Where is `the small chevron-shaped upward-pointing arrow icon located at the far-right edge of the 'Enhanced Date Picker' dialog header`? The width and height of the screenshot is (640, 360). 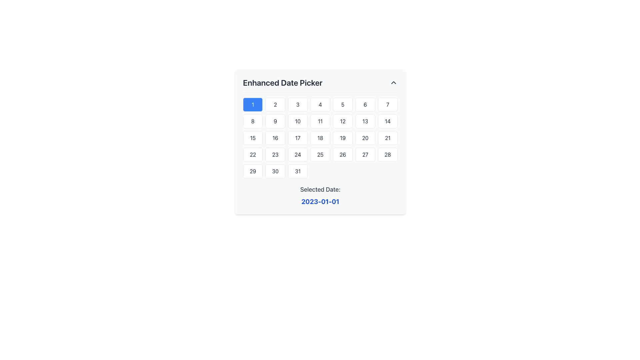
the small chevron-shaped upward-pointing arrow icon located at the far-right edge of the 'Enhanced Date Picker' dialog header is located at coordinates (393, 82).